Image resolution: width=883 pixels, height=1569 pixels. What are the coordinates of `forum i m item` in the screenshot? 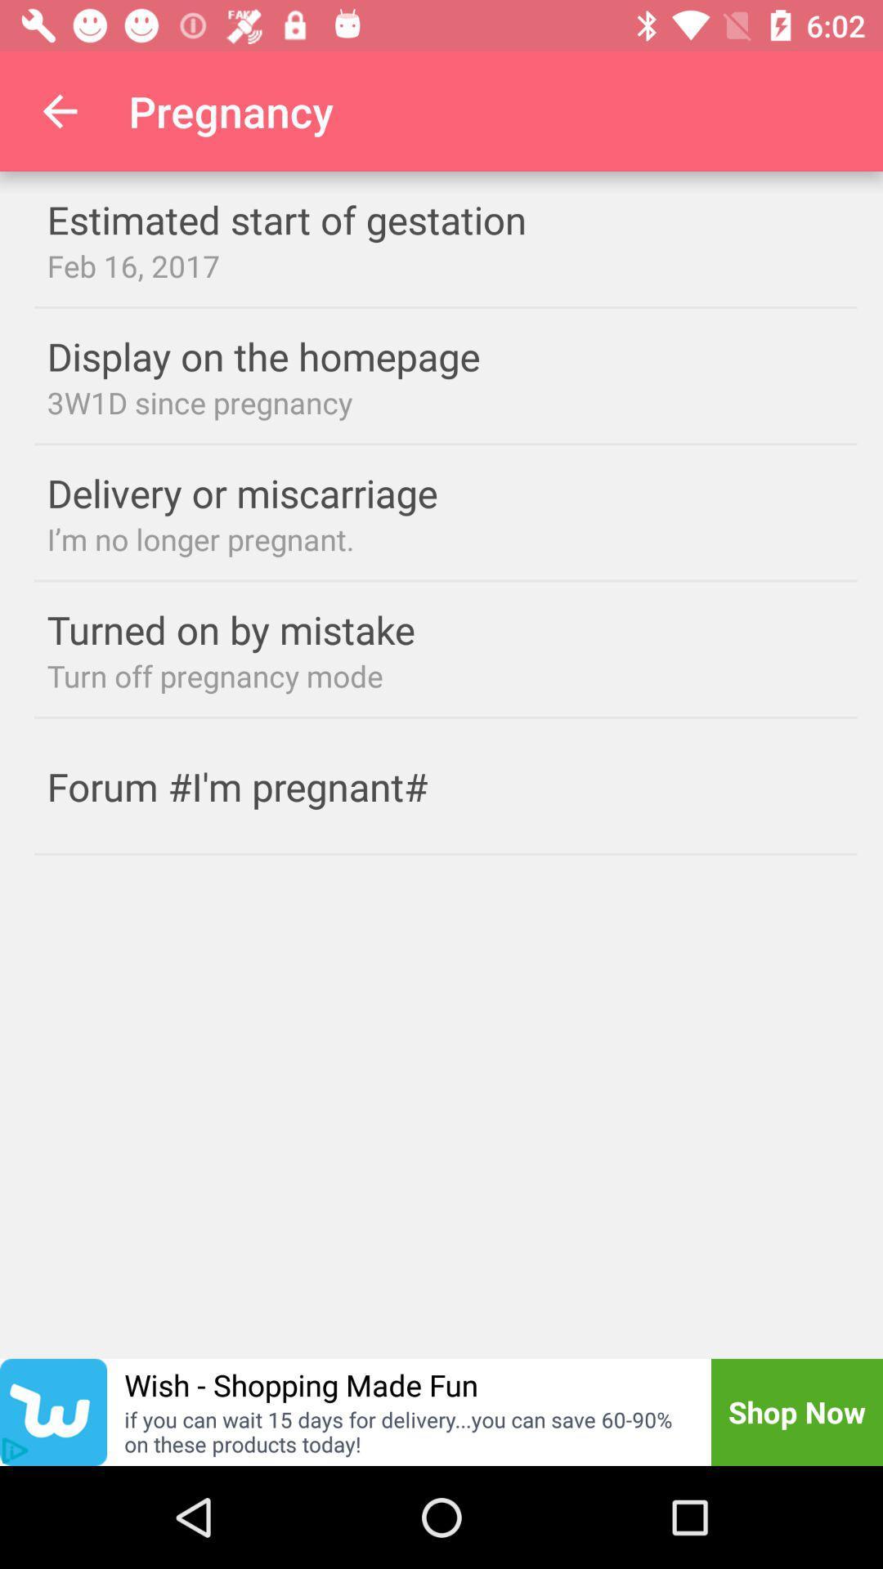 It's located at (269, 786).